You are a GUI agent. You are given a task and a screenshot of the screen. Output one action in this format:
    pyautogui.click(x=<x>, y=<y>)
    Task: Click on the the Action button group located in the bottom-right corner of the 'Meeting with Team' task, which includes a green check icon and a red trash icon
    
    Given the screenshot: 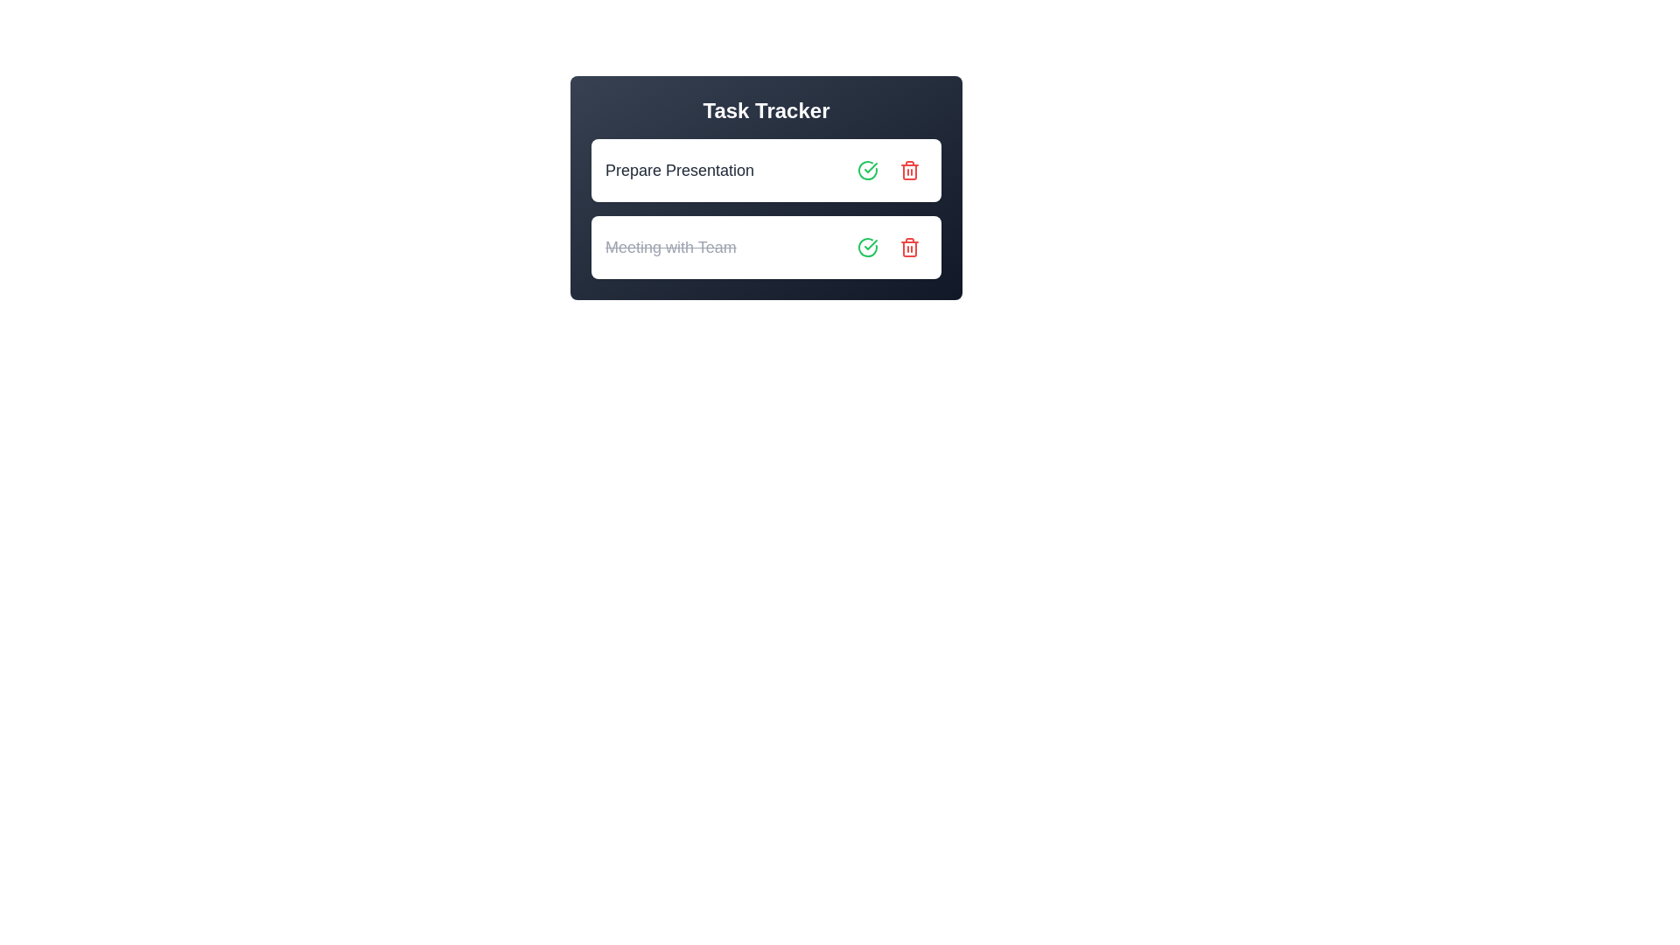 What is the action you would take?
    pyautogui.click(x=889, y=247)
    